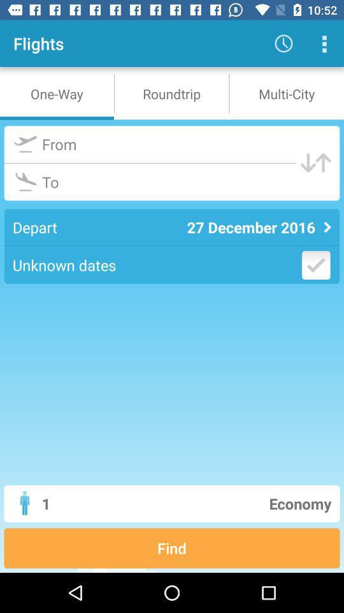  What do you see at coordinates (220, 503) in the screenshot?
I see `item next to the 1` at bounding box center [220, 503].